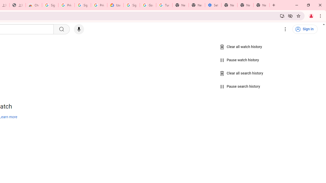 The width and height of the screenshot is (326, 183). Describe the element at coordinates (50, 5) in the screenshot. I see `'Sign in - Google Accounts'` at that location.